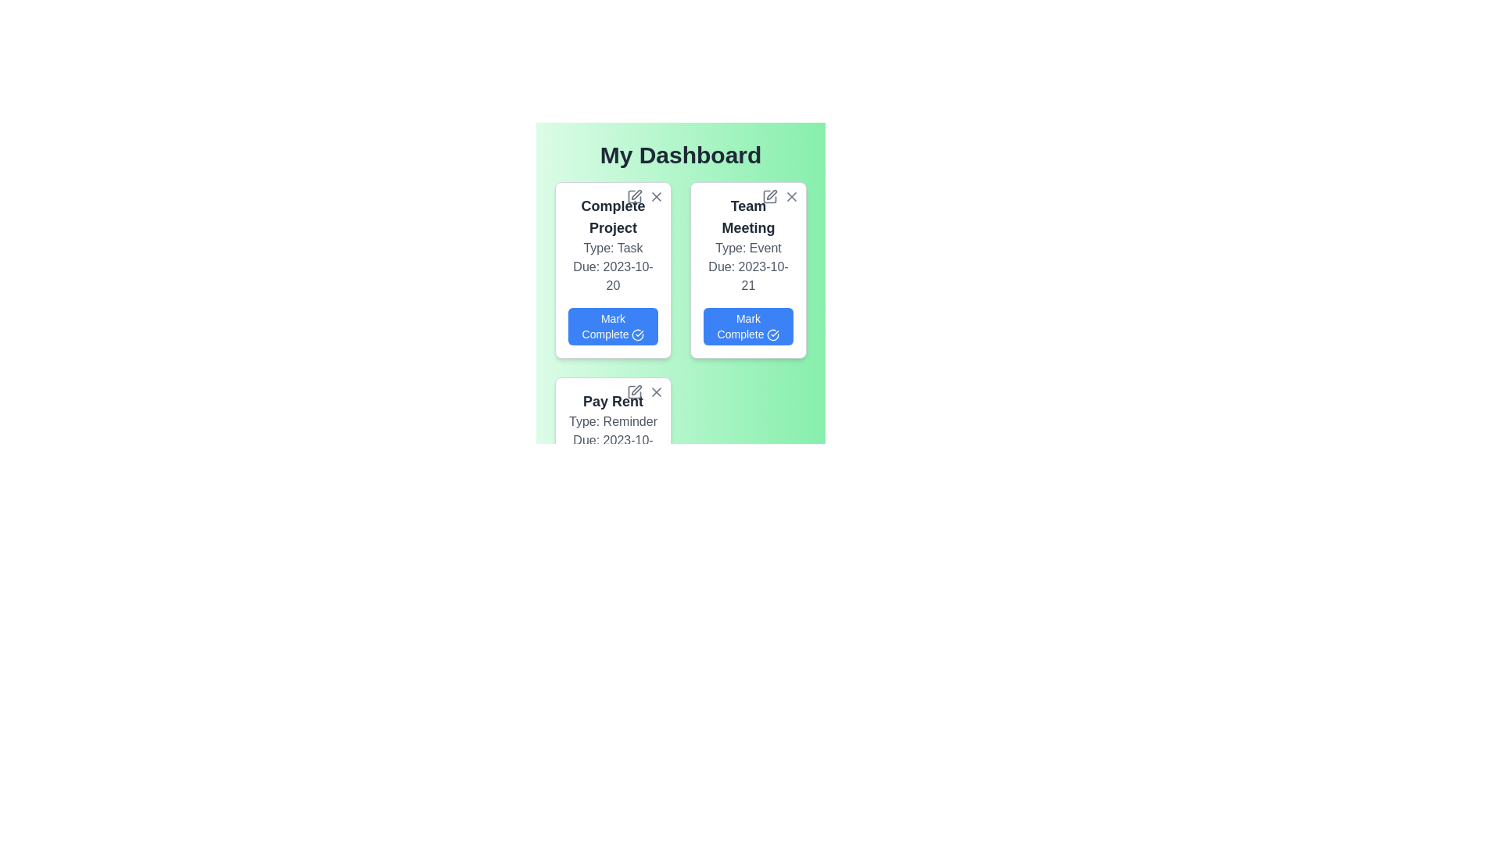 The height and width of the screenshot is (844, 1501). Describe the element at coordinates (638, 334) in the screenshot. I see `the decorative icon located at the bottom-right corner of the 'Mark Complete' button within the 'Complete Project' task card on the dashboard` at that location.